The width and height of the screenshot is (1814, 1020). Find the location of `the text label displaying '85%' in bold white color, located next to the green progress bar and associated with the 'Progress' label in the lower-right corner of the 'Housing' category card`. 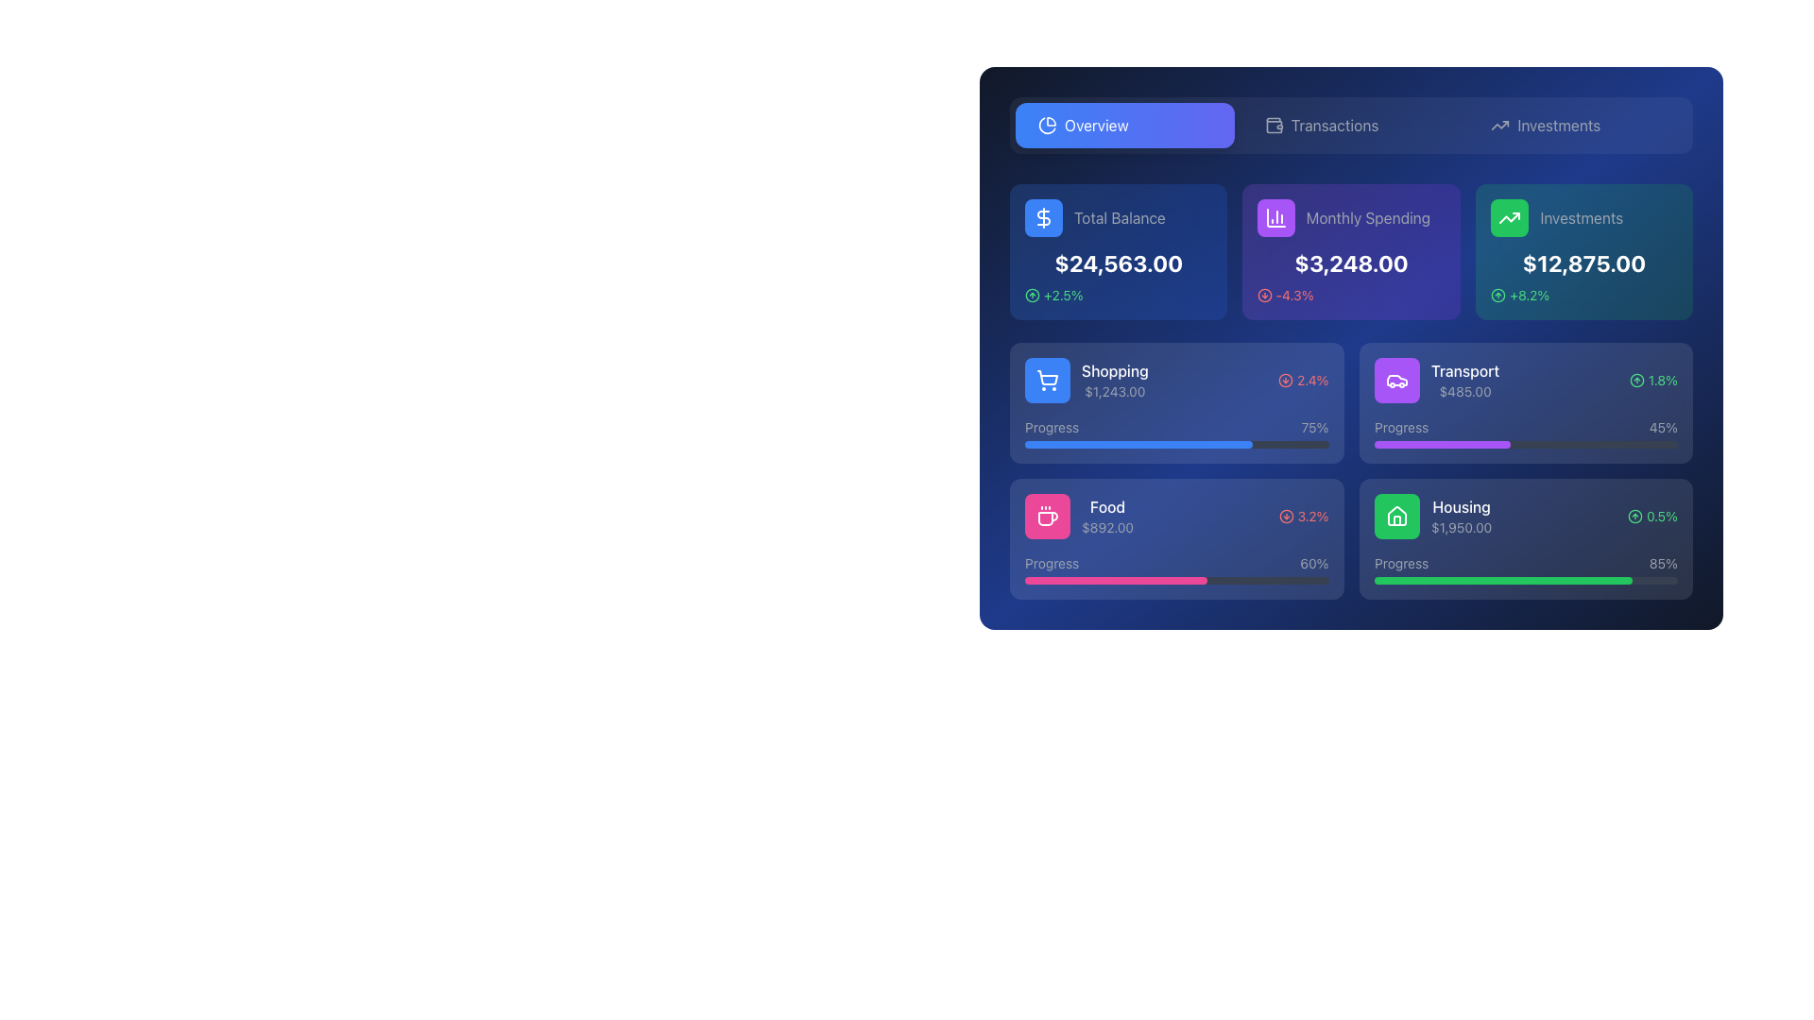

the text label displaying '85%' in bold white color, located next to the green progress bar and associated with the 'Progress' label in the lower-right corner of the 'Housing' category card is located at coordinates (1664, 563).